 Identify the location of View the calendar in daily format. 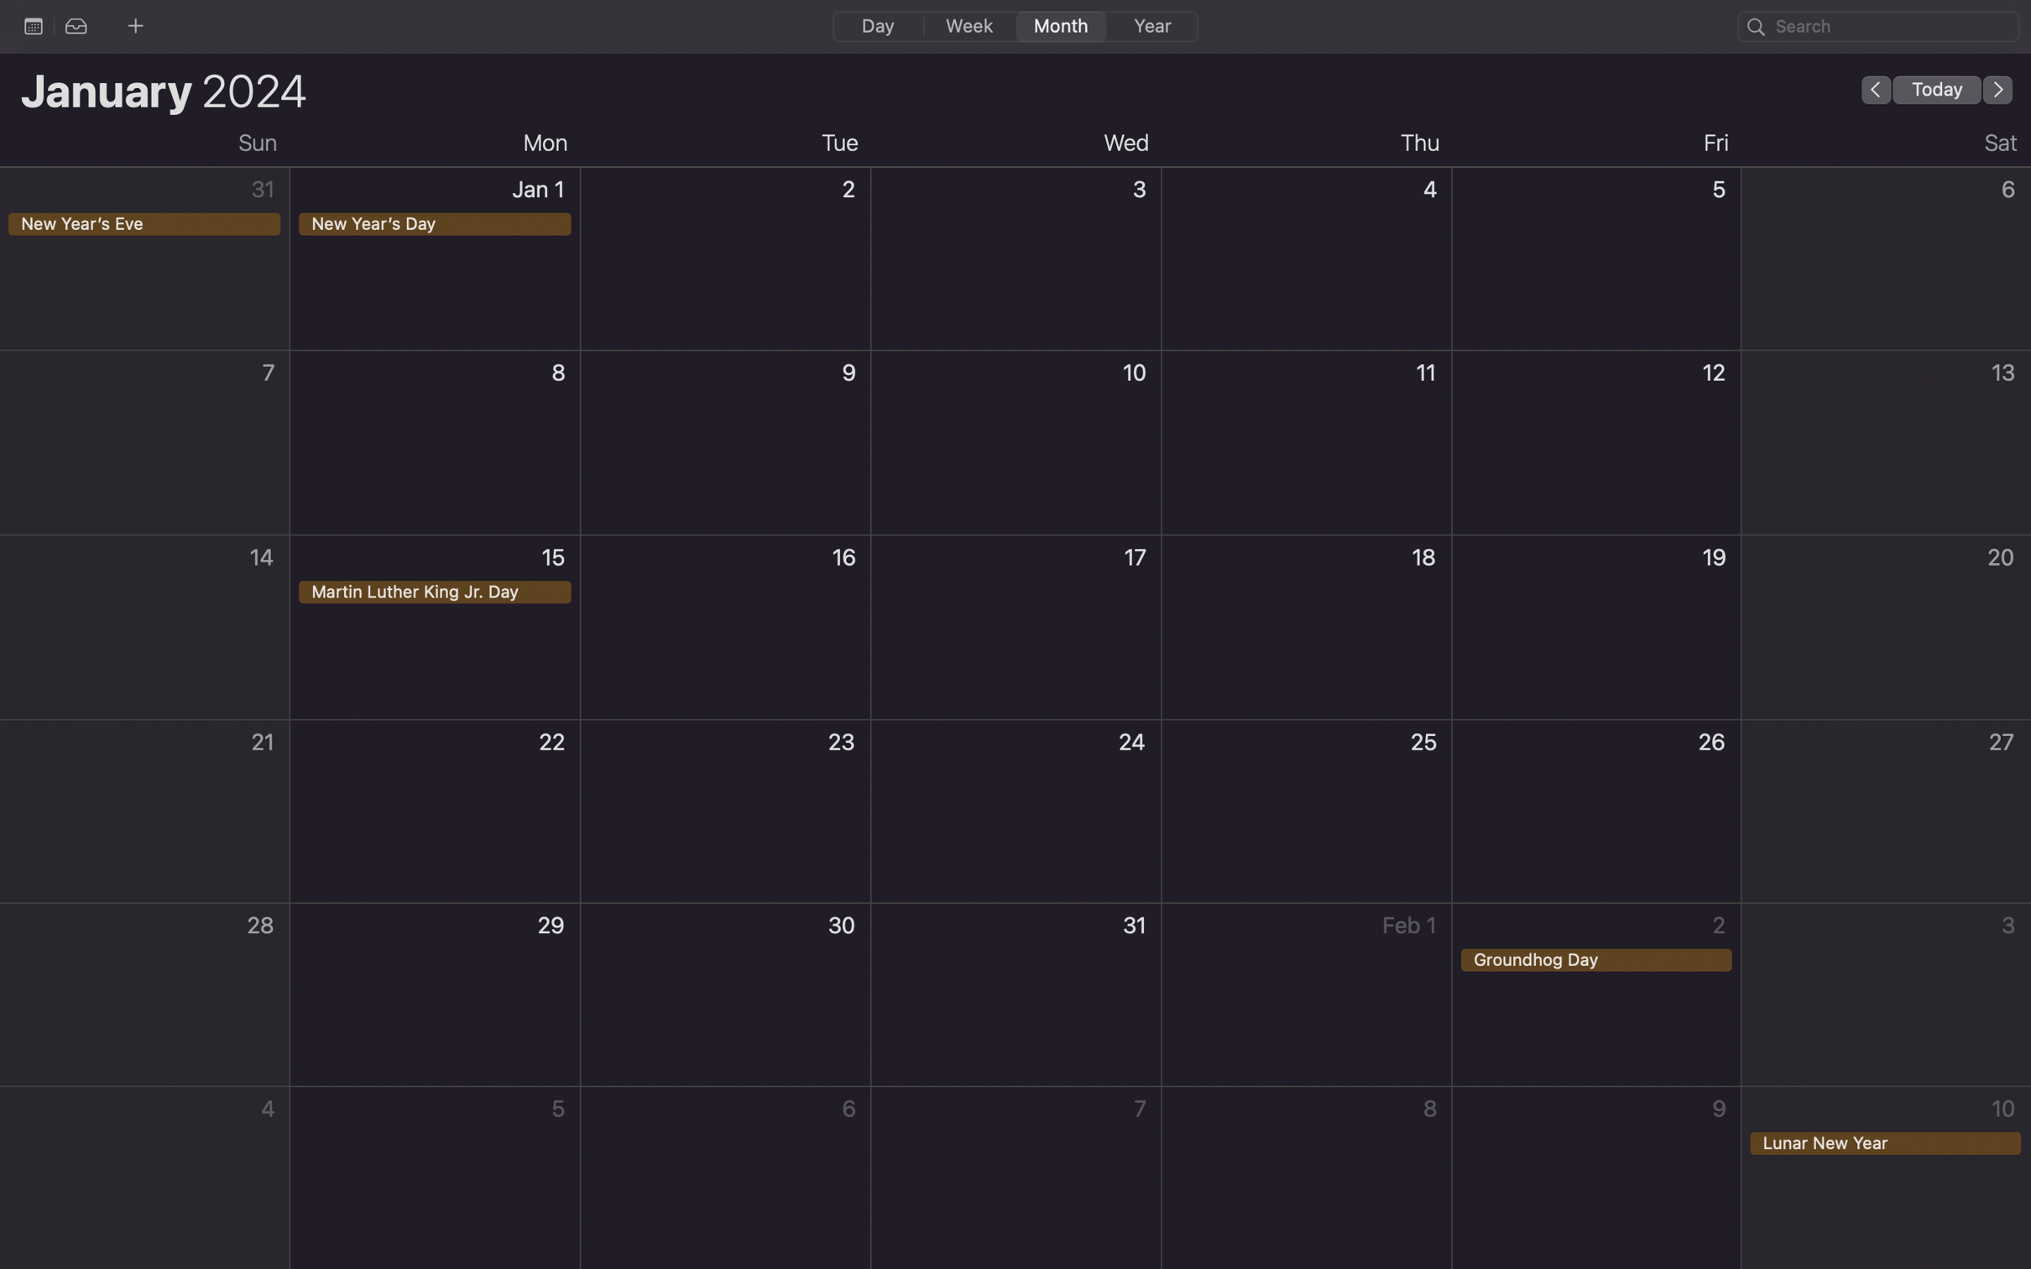
(876, 24).